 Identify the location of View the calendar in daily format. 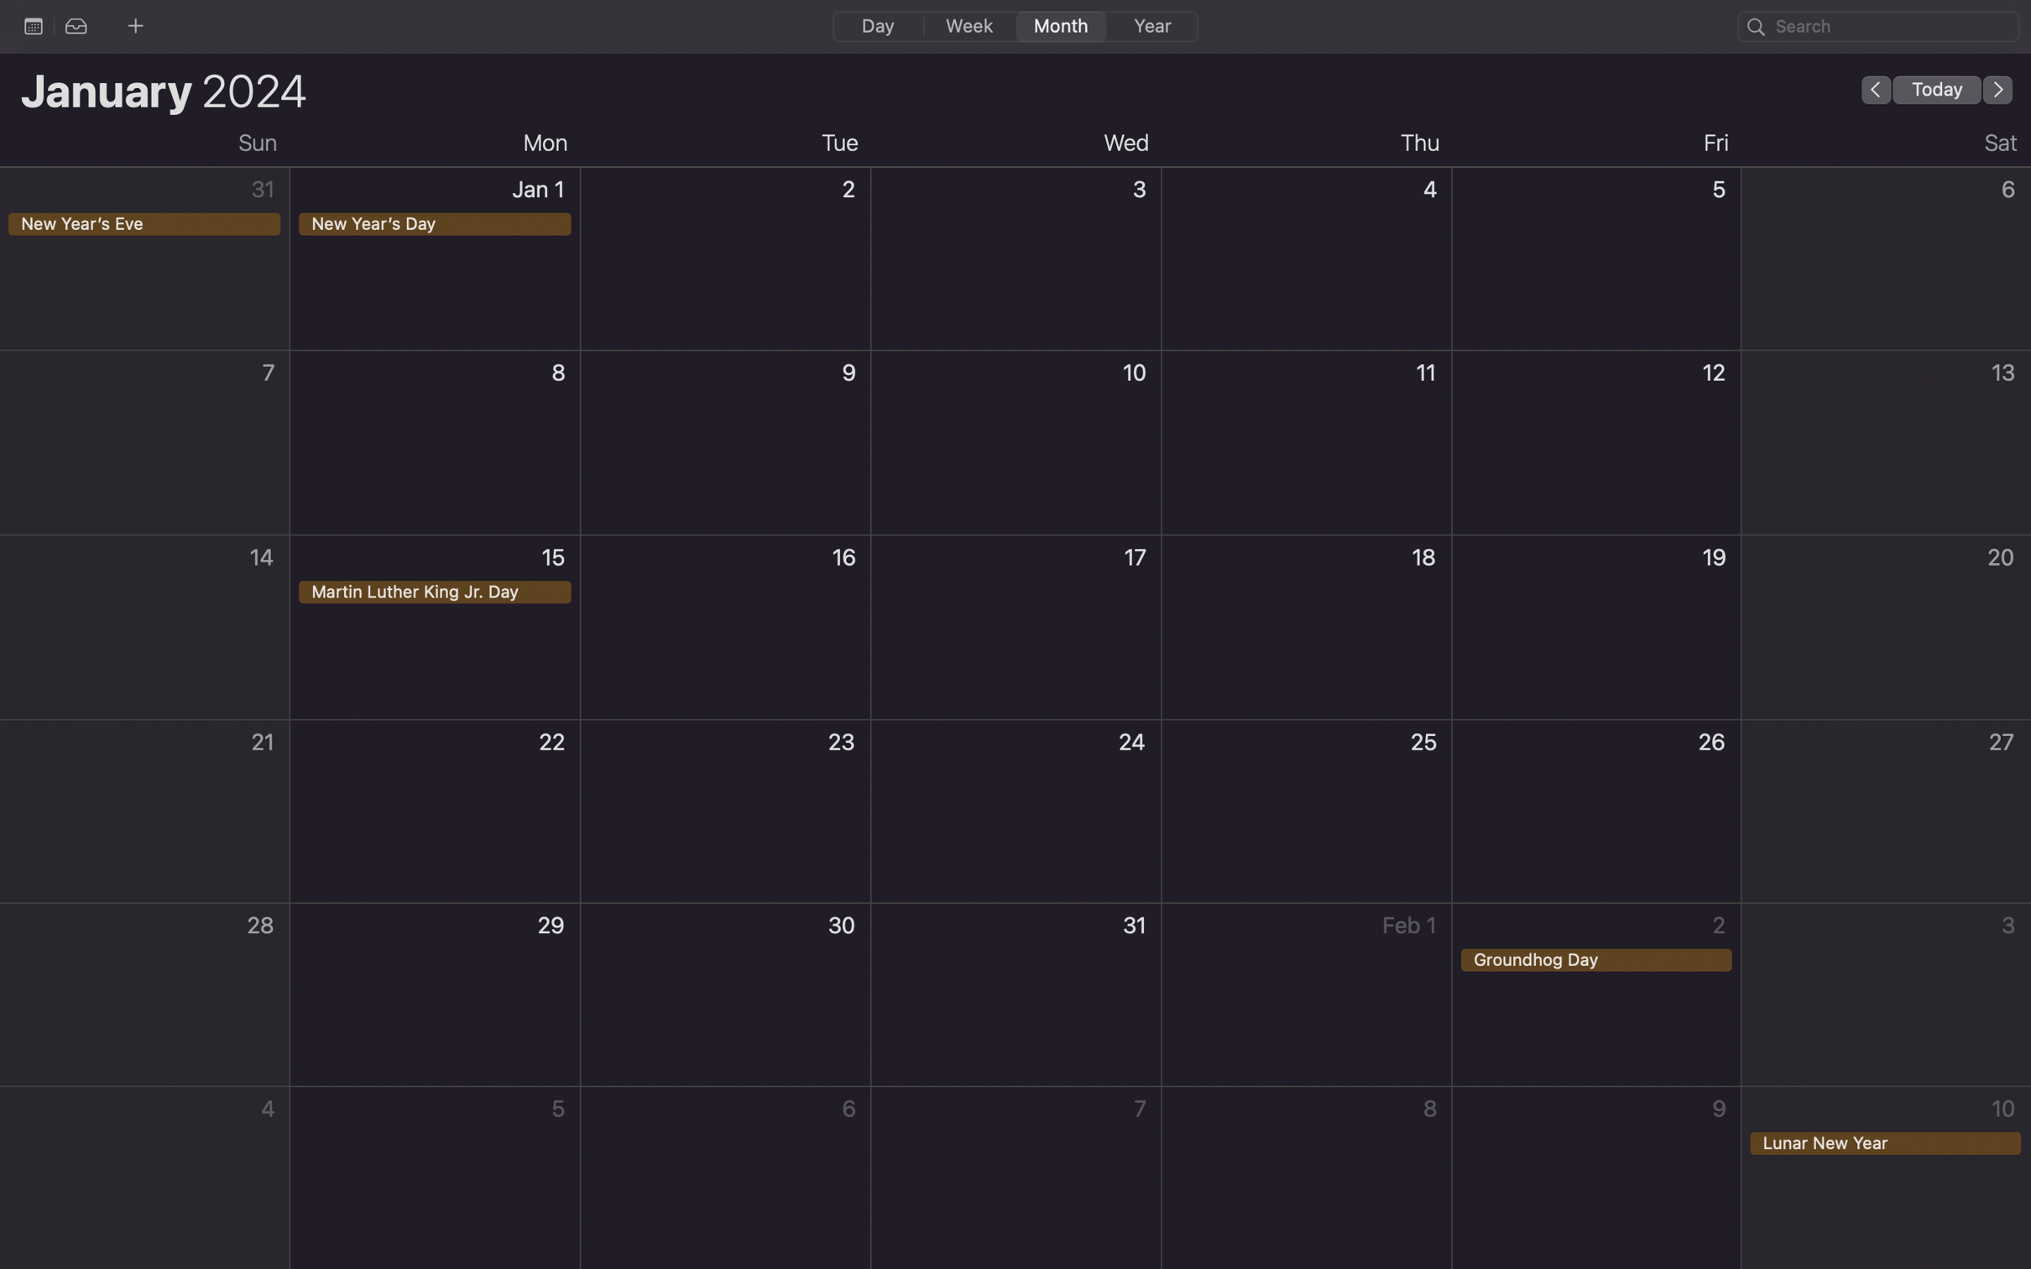
(876, 24).